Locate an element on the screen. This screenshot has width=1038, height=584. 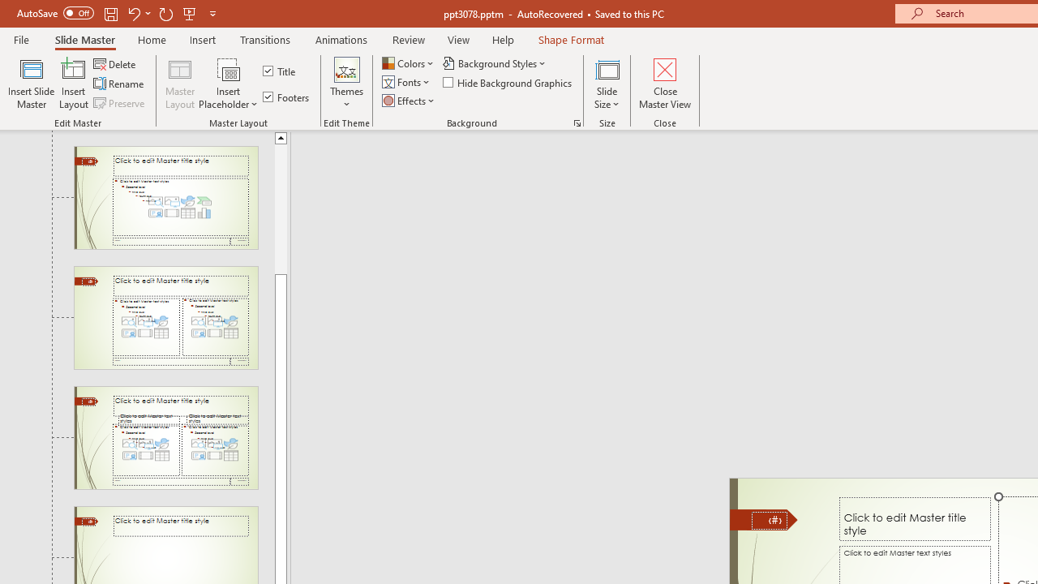
'Delete' is located at coordinates (115, 63).